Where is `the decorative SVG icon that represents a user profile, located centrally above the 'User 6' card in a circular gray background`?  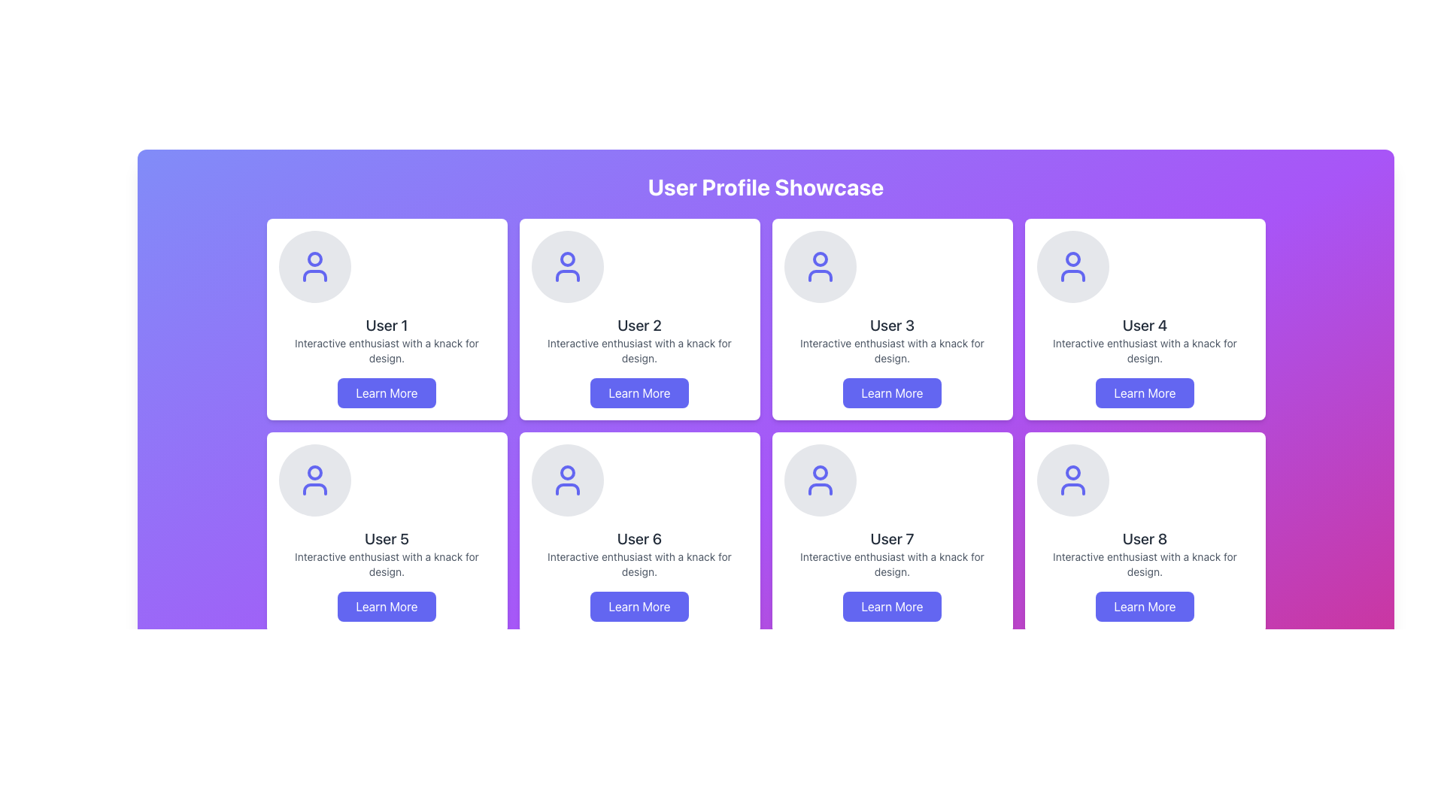 the decorative SVG icon that represents a user profile, located centrally above the 'User 6' card in a circular gray background is located at coordinates (566, 480).